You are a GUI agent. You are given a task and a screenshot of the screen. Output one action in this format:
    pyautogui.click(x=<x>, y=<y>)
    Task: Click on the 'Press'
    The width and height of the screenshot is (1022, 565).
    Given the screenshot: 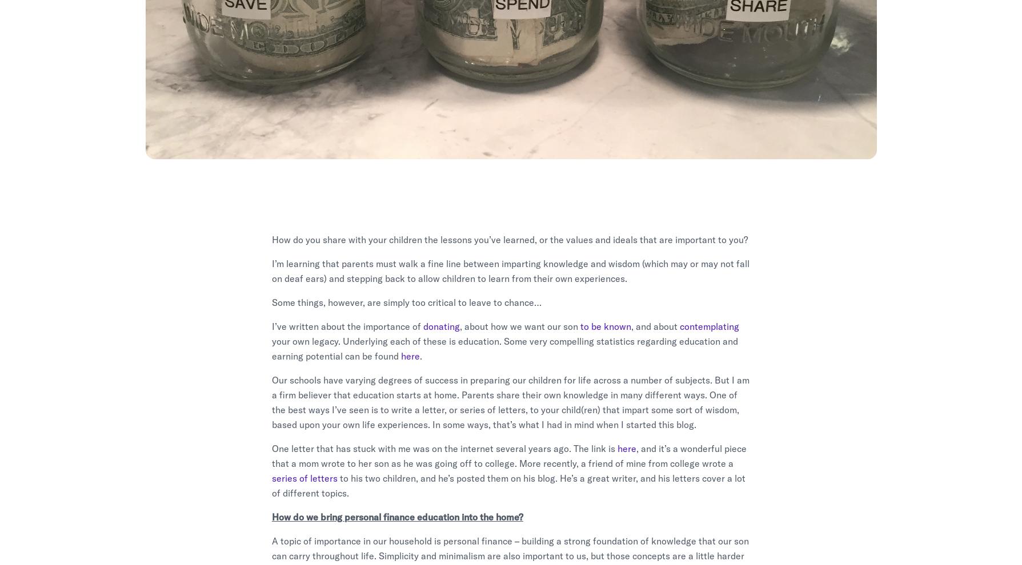 What is the action you would take?
    pyautogui.click(x=657, y=411)
    